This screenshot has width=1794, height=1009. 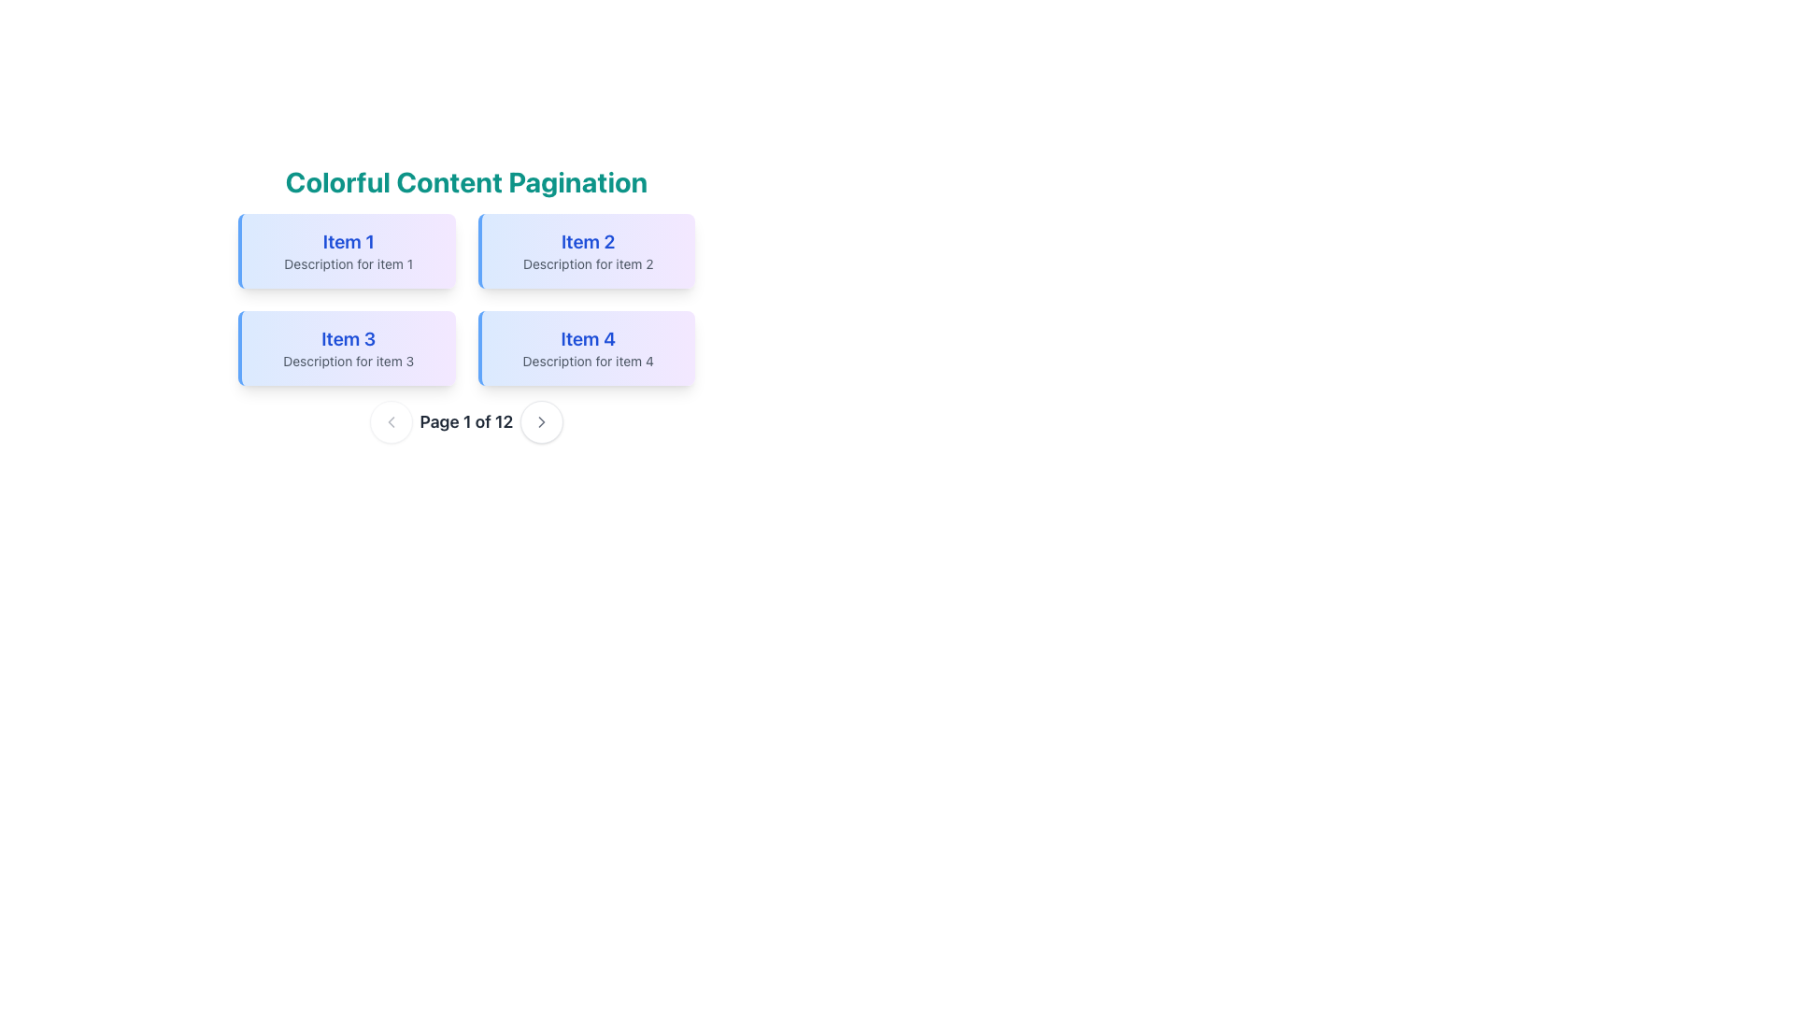 What do you see at coordinates (349, 263) in the screenshot?
I see `the text label providing additional information for 'Item 1', which is located below the text 'Item 1' in the top-left box of the interface` at bounding box center [349, 263].